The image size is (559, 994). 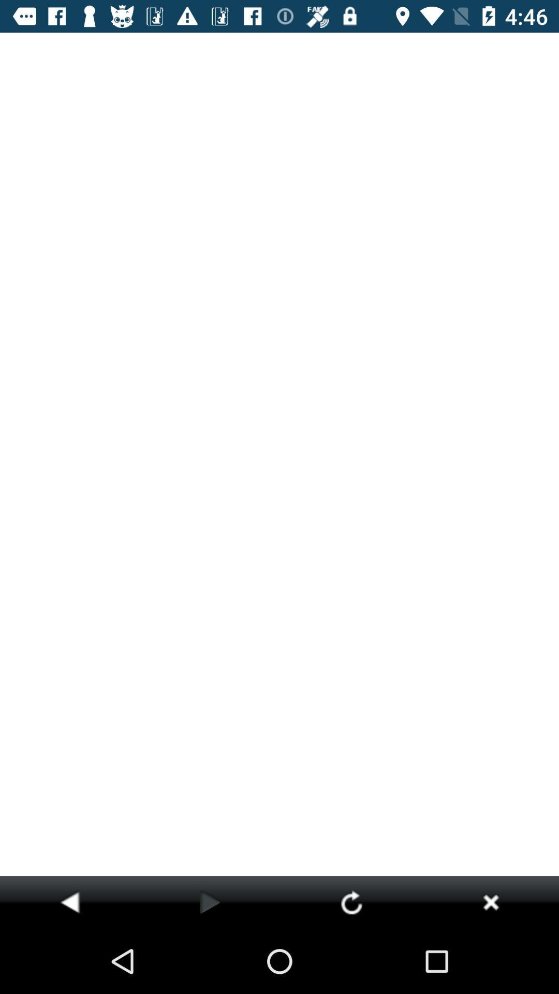 What do you see at coordinates (70, 901) in the screenshot?
I see `item at the bottom left corner` at bounding box center [70, 901].